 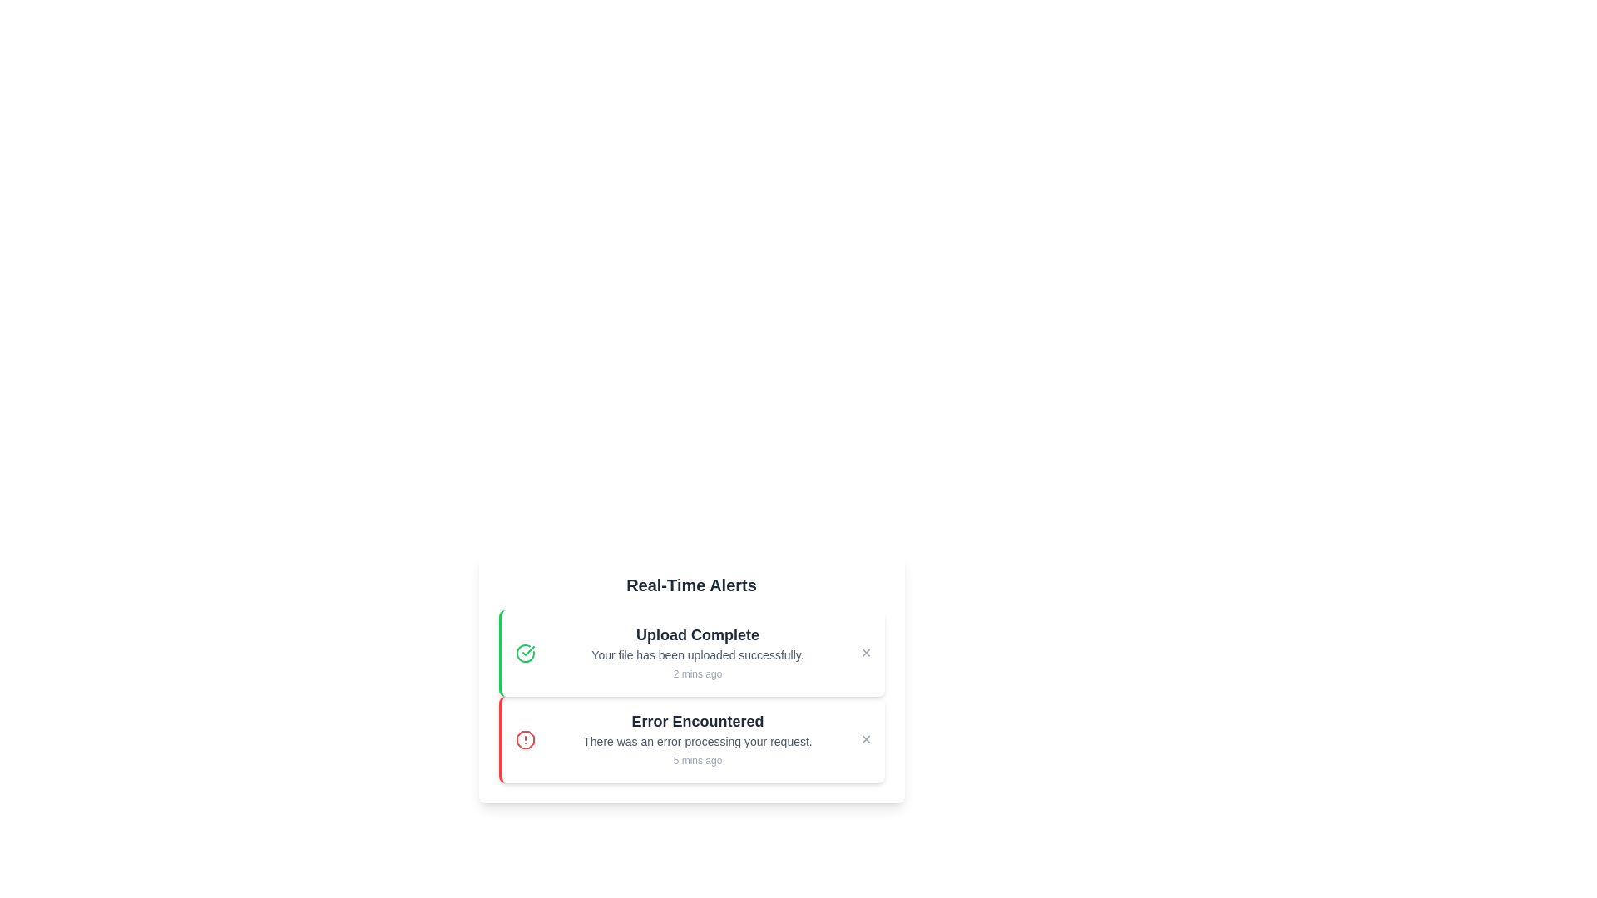 What do you see at coordinates (698, 634) in the screenshot?
I see `the text label reading 'Upload Complete', which is styled with a large bold dark gray font and located at the top of the notification card in the 'Real-Time Alerts' section` at bounding box center [698, 634].